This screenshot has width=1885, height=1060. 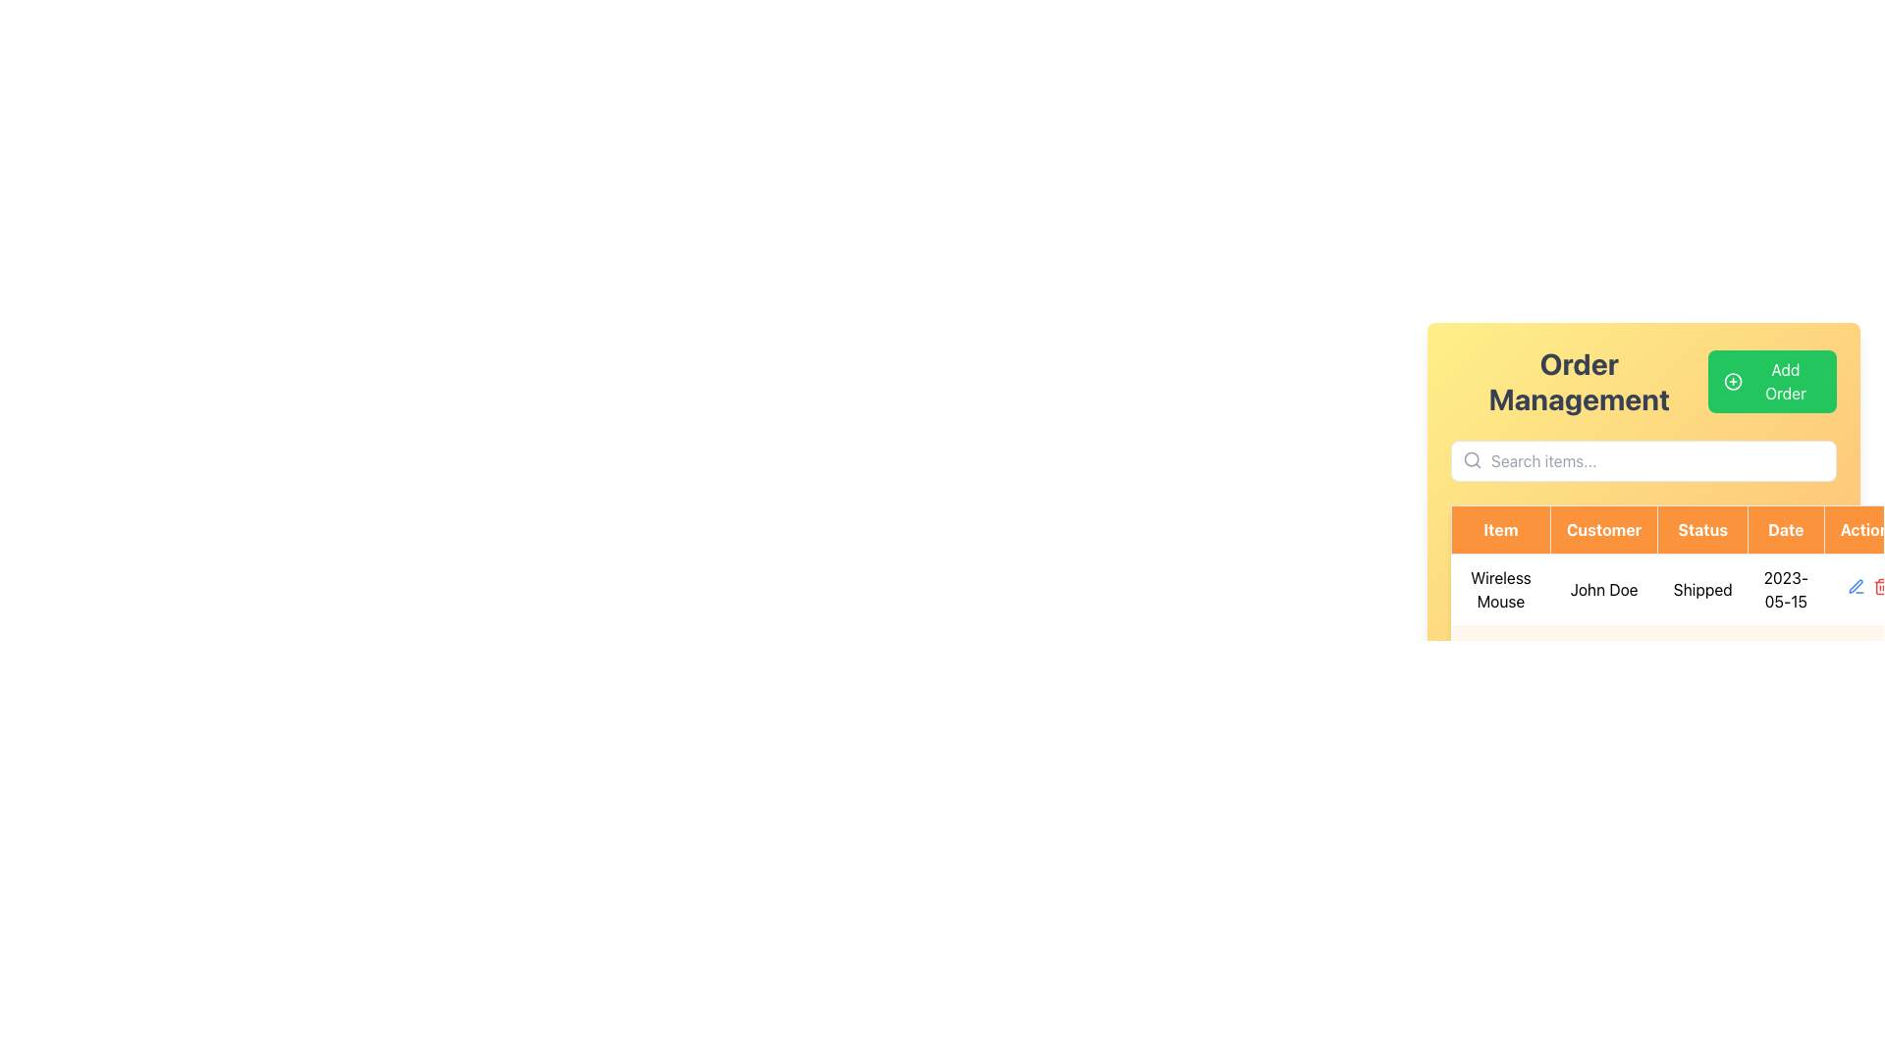 What do you see at coordinates (1499, 530) in the screenshot?
I see `the header element that labels the 'Item' column in the table, located at the top-left corner of the table` at bounding box center [1499, 530].